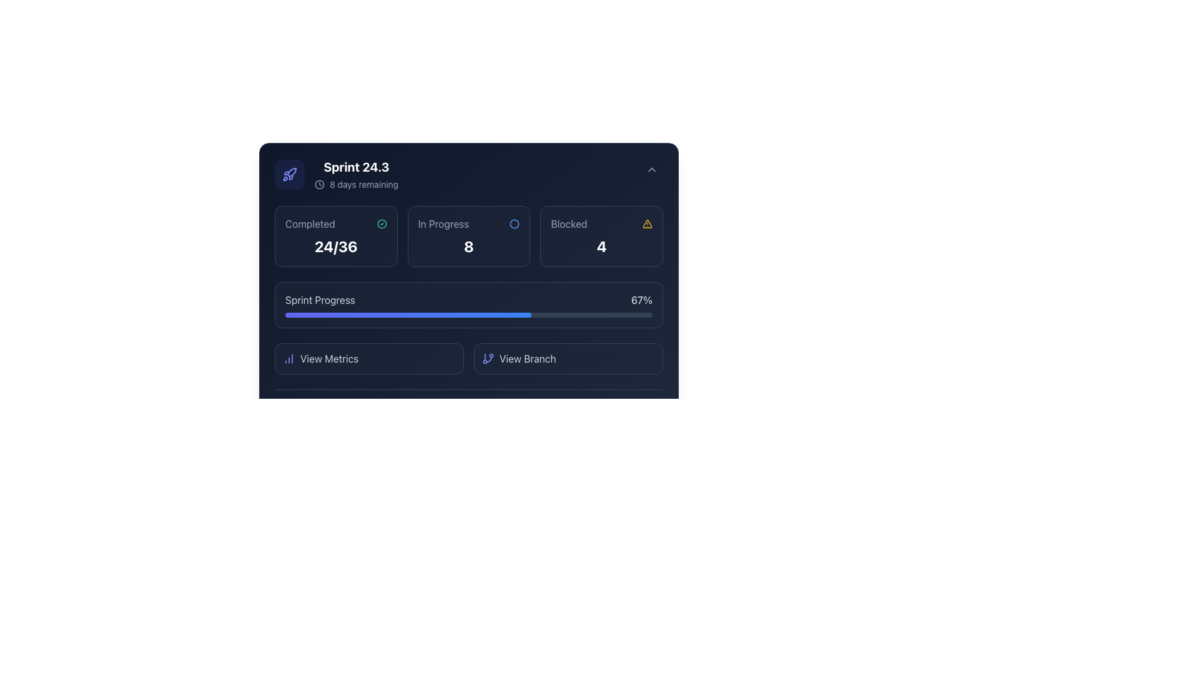  What do you see at coordinates (408, 315) in the screenshot?
I see `the progress indicator representing 67% in the 'Sprint Progress' metric` at bounding box center [408, 315].